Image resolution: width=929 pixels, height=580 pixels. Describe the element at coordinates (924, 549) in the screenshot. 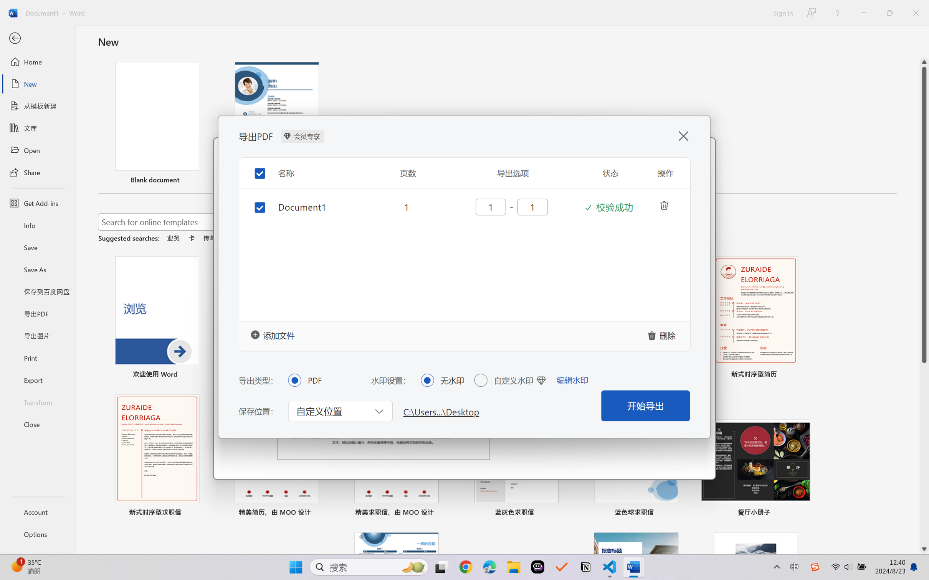

I see `'Line down'` at that location.